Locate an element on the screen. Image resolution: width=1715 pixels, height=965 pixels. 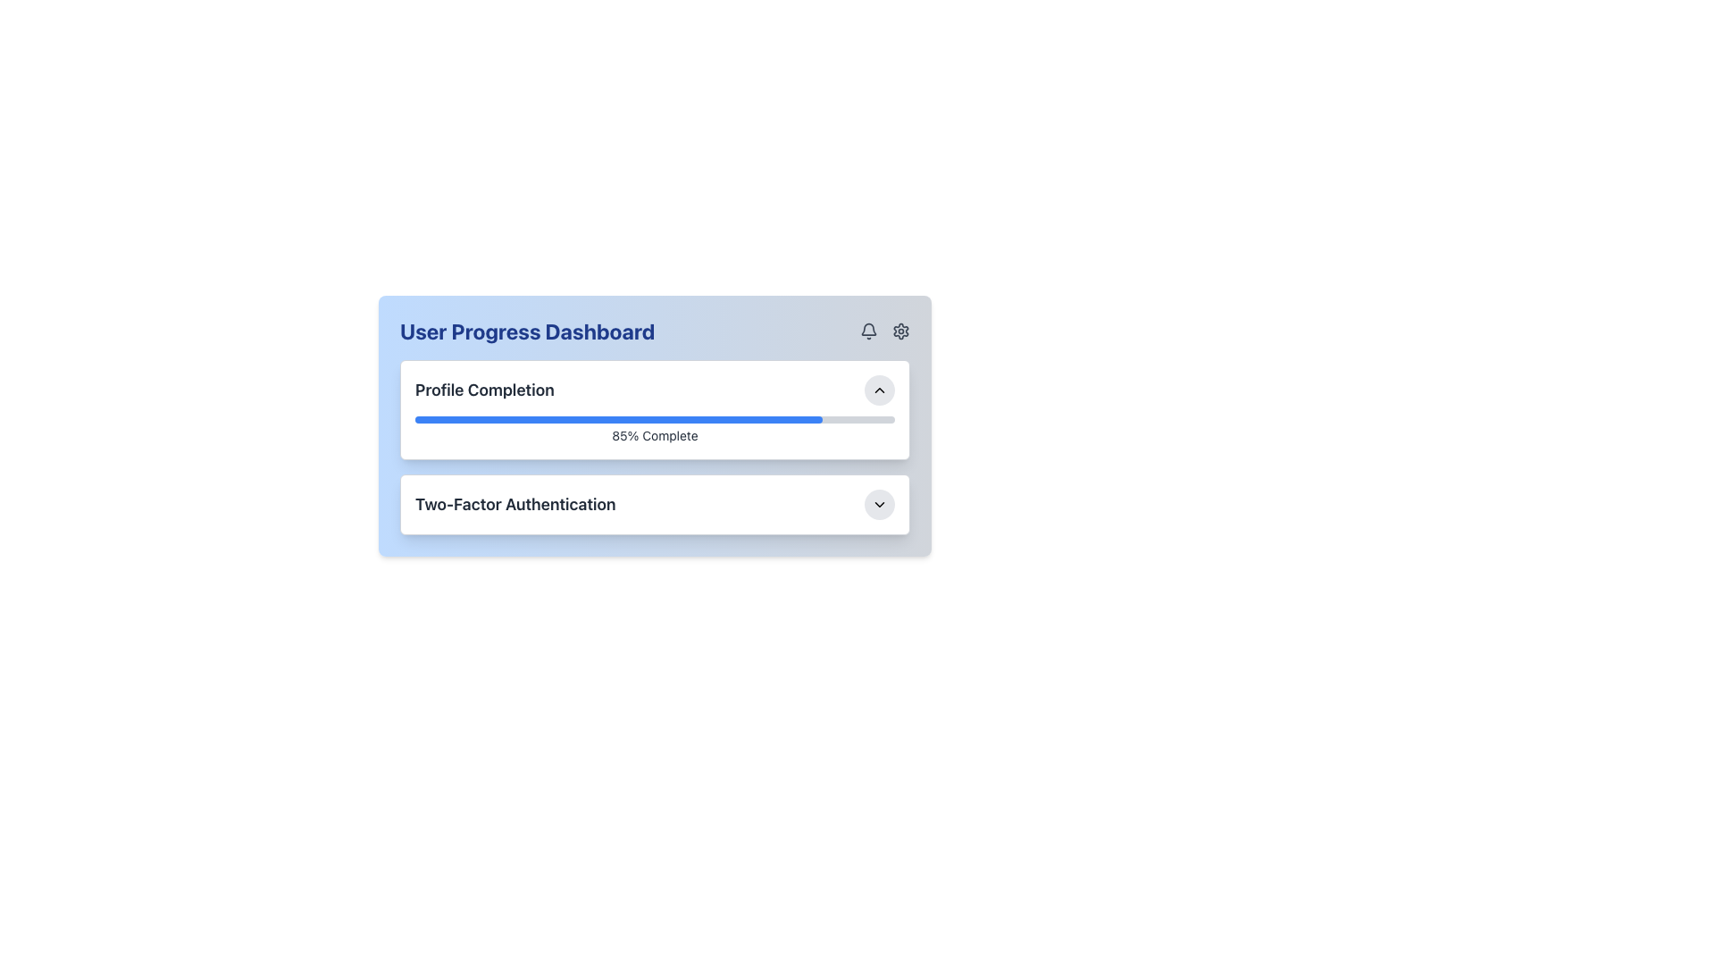
the blue progress bar representing 85% completion in the User Progress Dashboard, located below the 'Profile Completion' label is located at coordinates (619, 420).